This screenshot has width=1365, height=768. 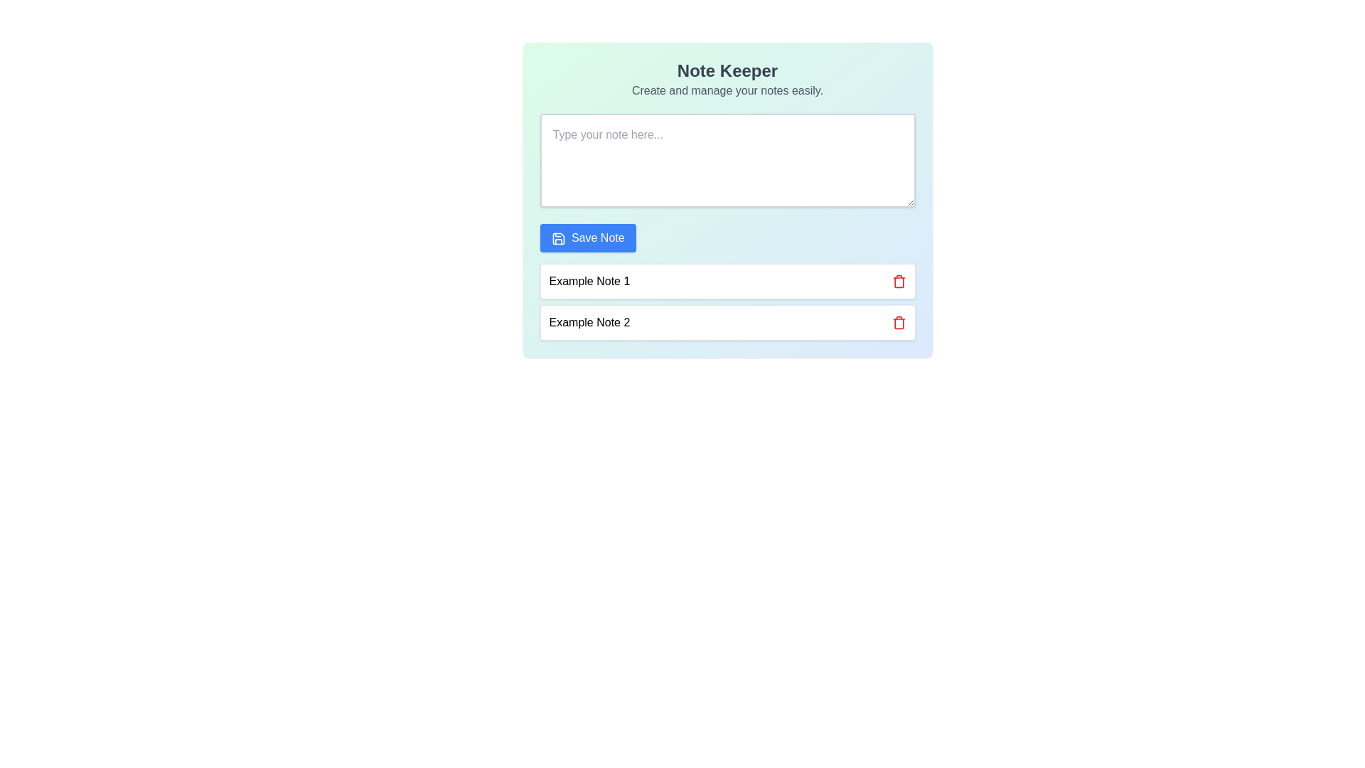 What do you see at coordinates (727, 71) in the screenshot?
I see `the prominent text label 'Note Keeper' which is styled with a bold and larger font size in dark gray, located at the top of the interface above the subtitle` at bounding box center [727, 71].